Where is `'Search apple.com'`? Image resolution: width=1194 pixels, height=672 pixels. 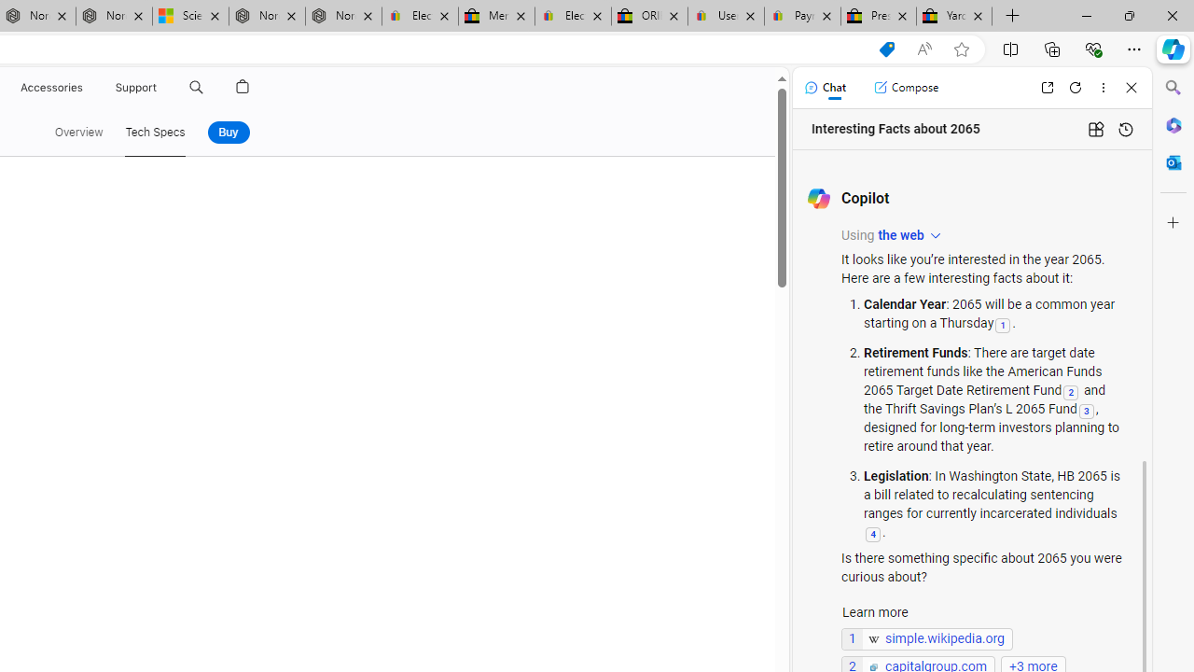 'Search apple.com' is located at coordinates (196, 87).